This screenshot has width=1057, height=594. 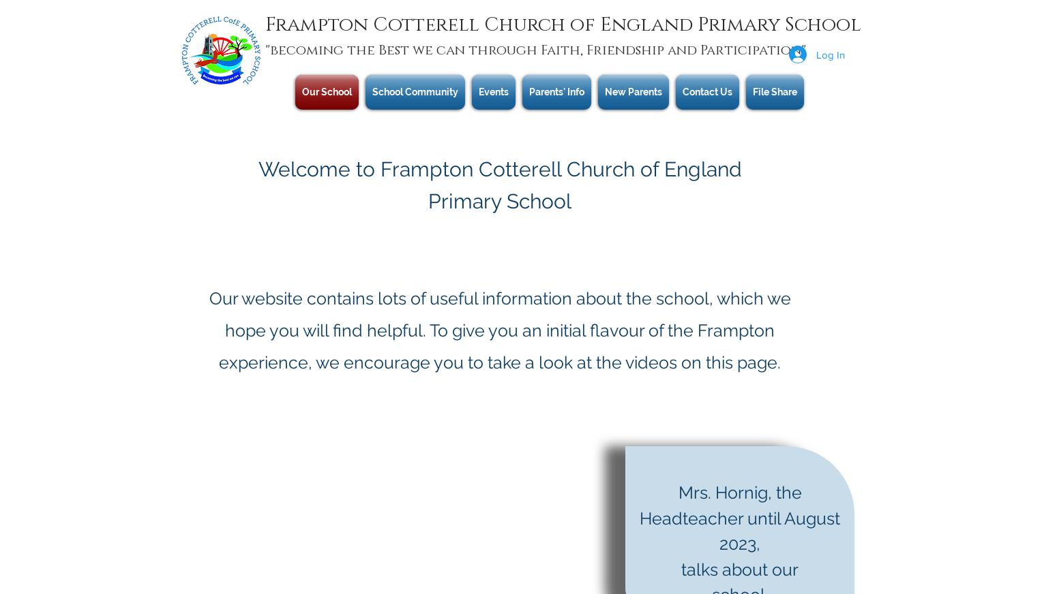 I want to click on 'Our School', so click(x=326, y=91).